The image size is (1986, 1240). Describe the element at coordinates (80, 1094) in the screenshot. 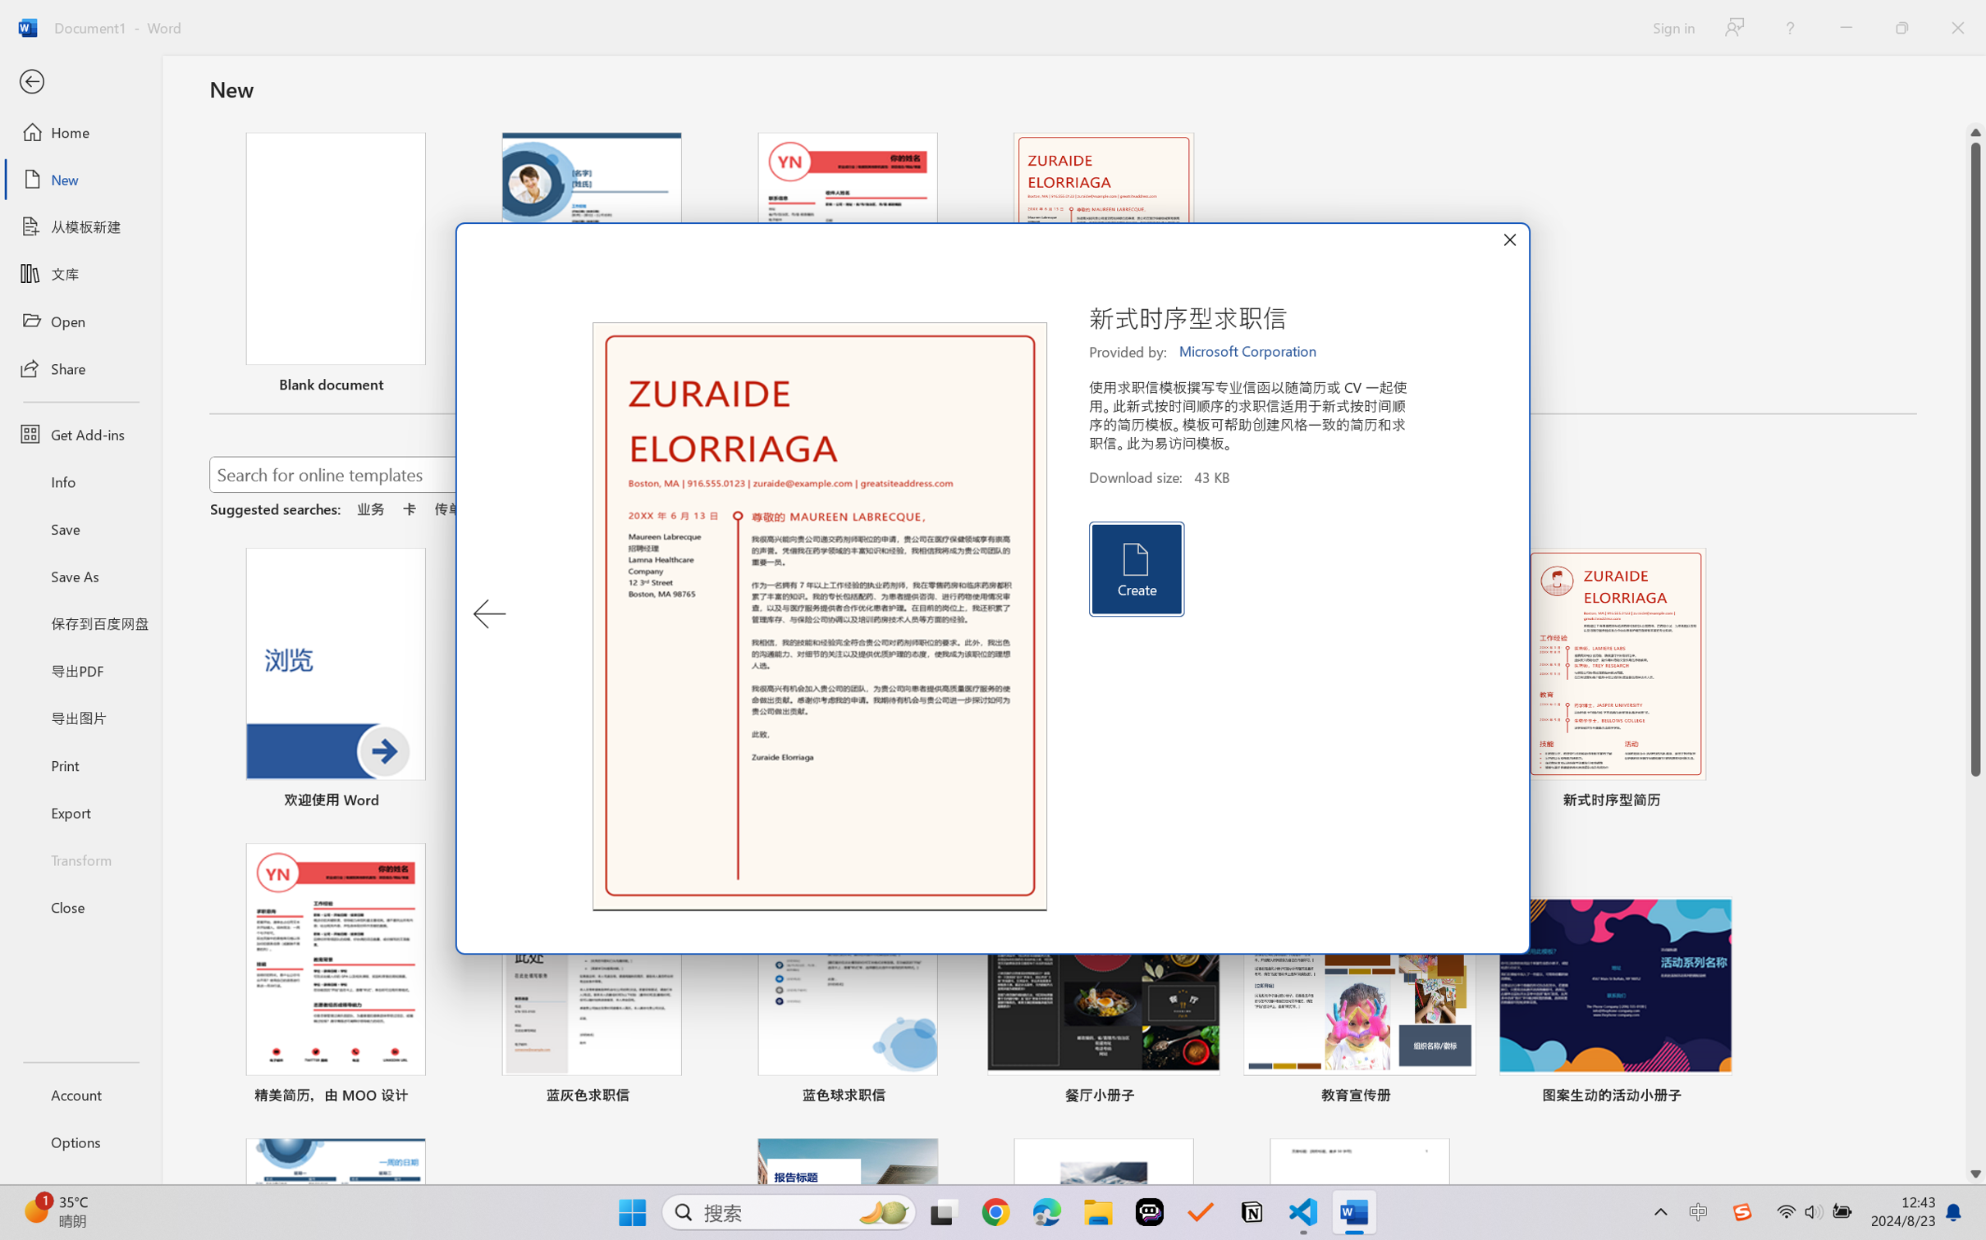

I see `'Account'` at that location.